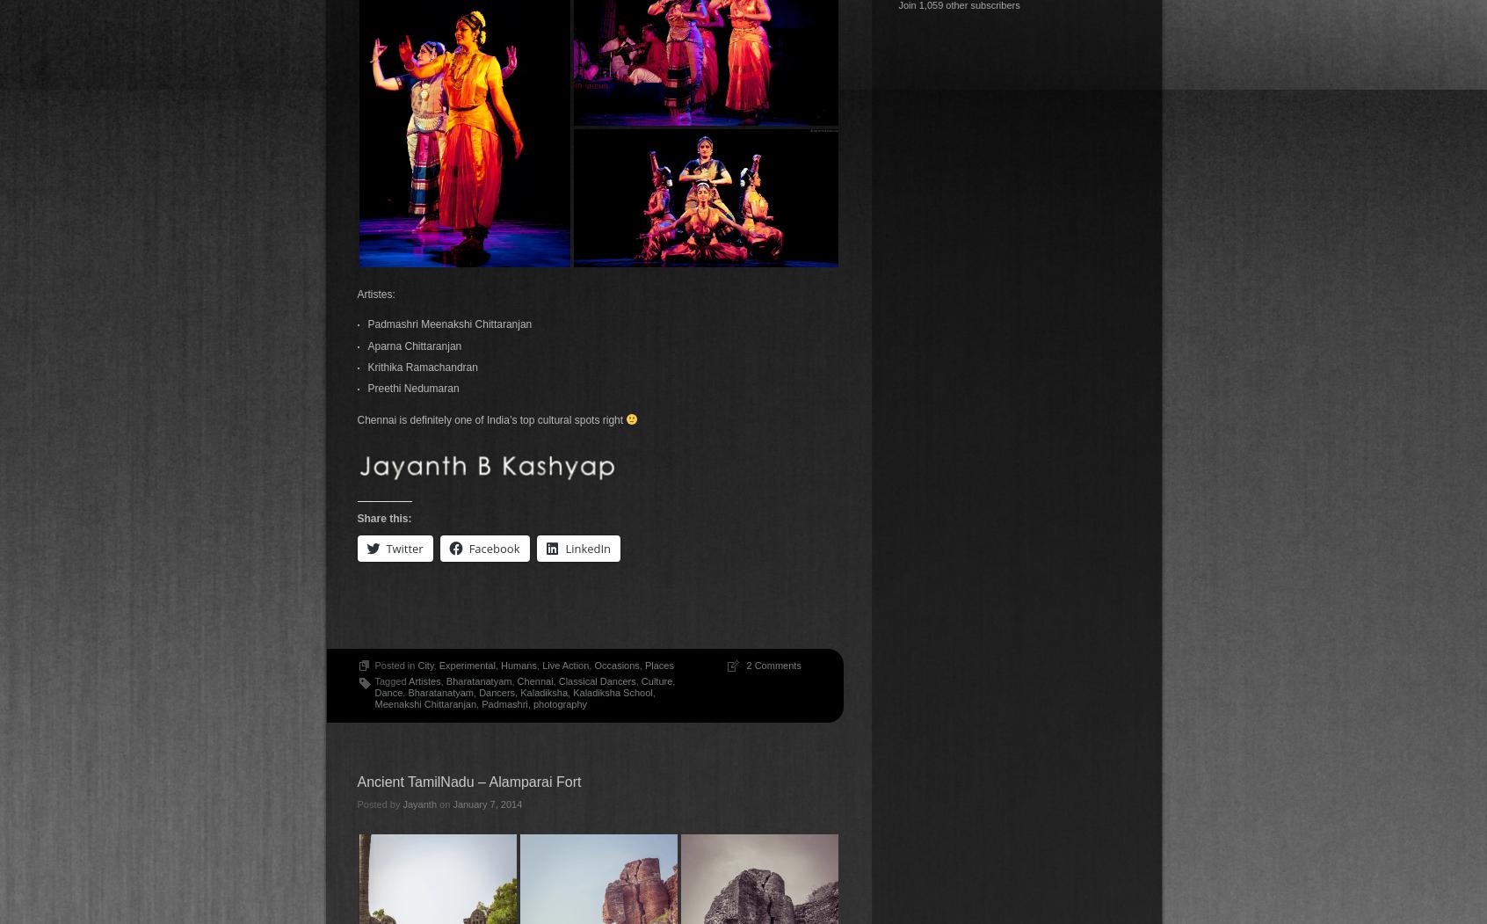  I want to click on 'Dancers', so click(496, 692).